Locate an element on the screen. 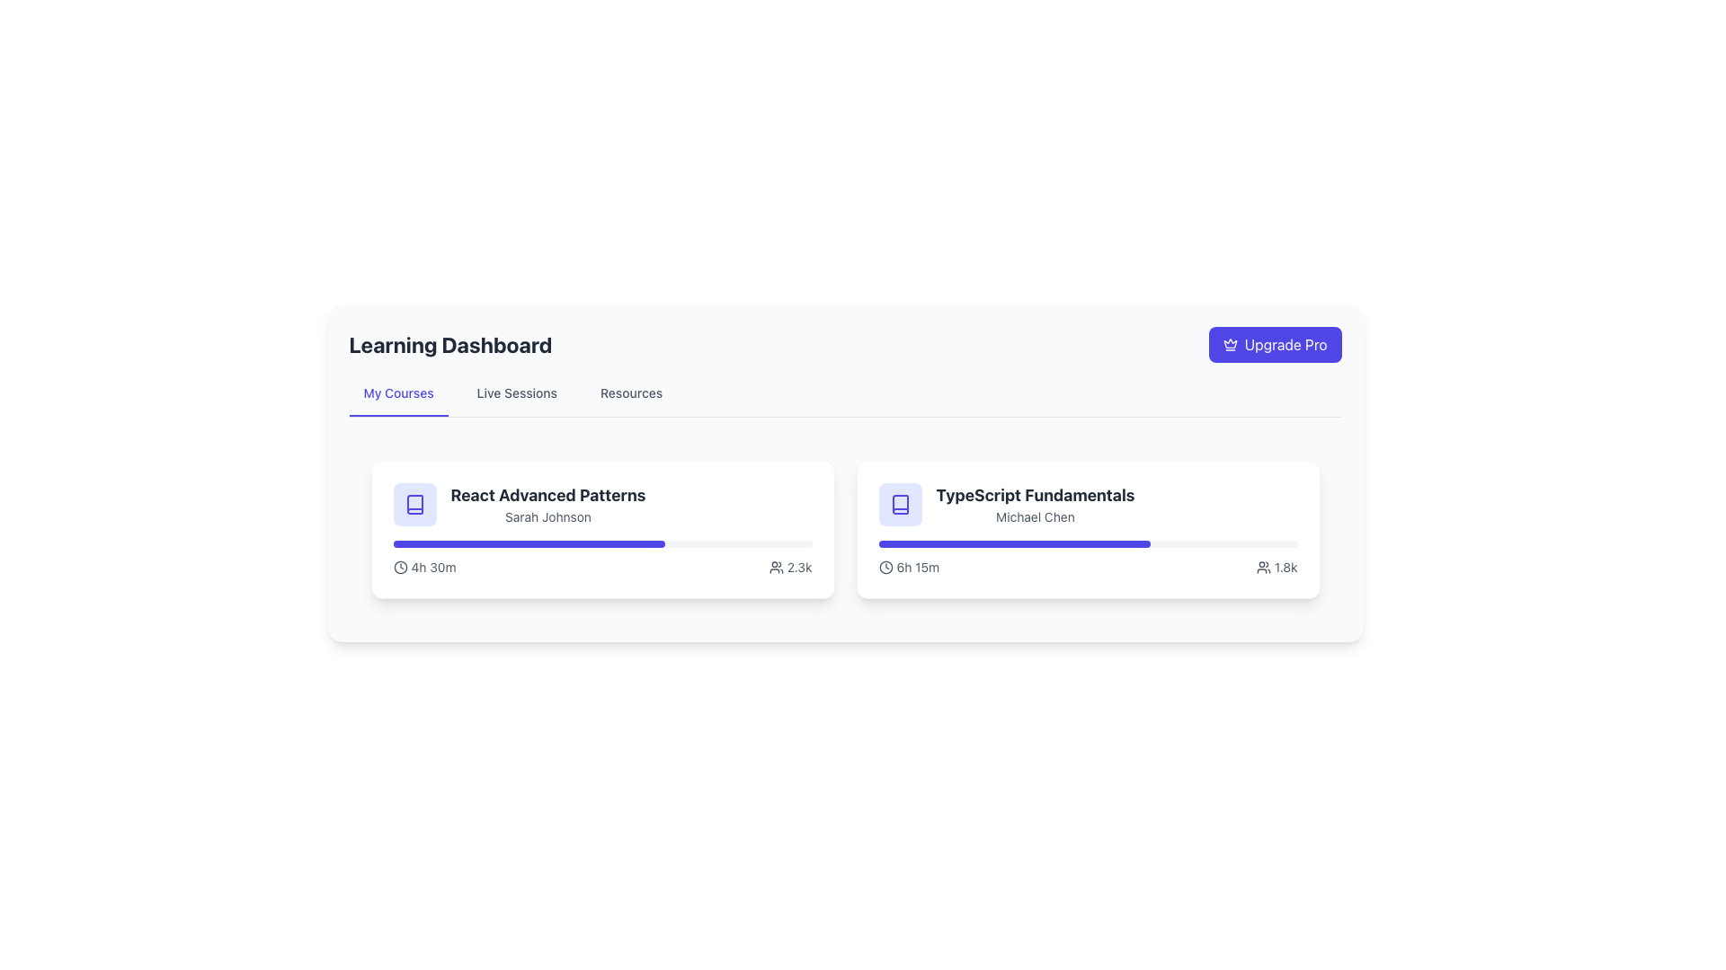  the text label containing the course title 'React Advanced Patterns' and instructor name 'Sarah Johnson' is located at coordinates (602, 505).